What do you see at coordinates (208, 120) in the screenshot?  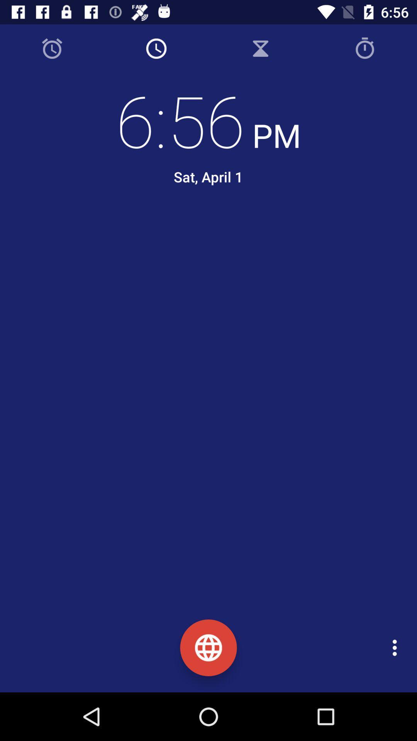 I see `icon above the sat, april 1` at bounding box center [208, 120].